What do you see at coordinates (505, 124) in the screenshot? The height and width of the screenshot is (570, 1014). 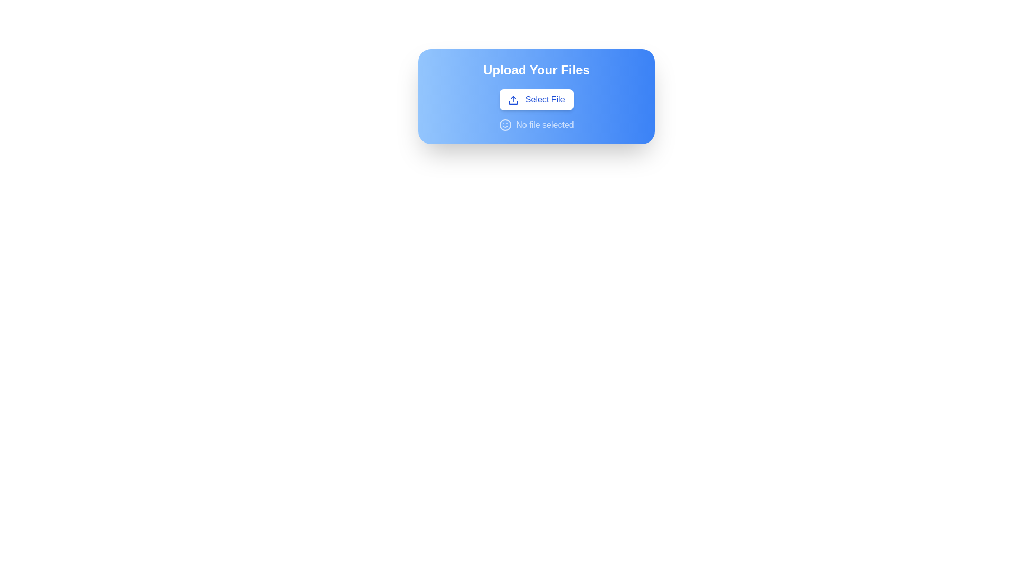 I see `the smiley face icon located to the left of the text 'No file selected' in the file upload section with a blue gradient background` at bounding box center [505, 124].